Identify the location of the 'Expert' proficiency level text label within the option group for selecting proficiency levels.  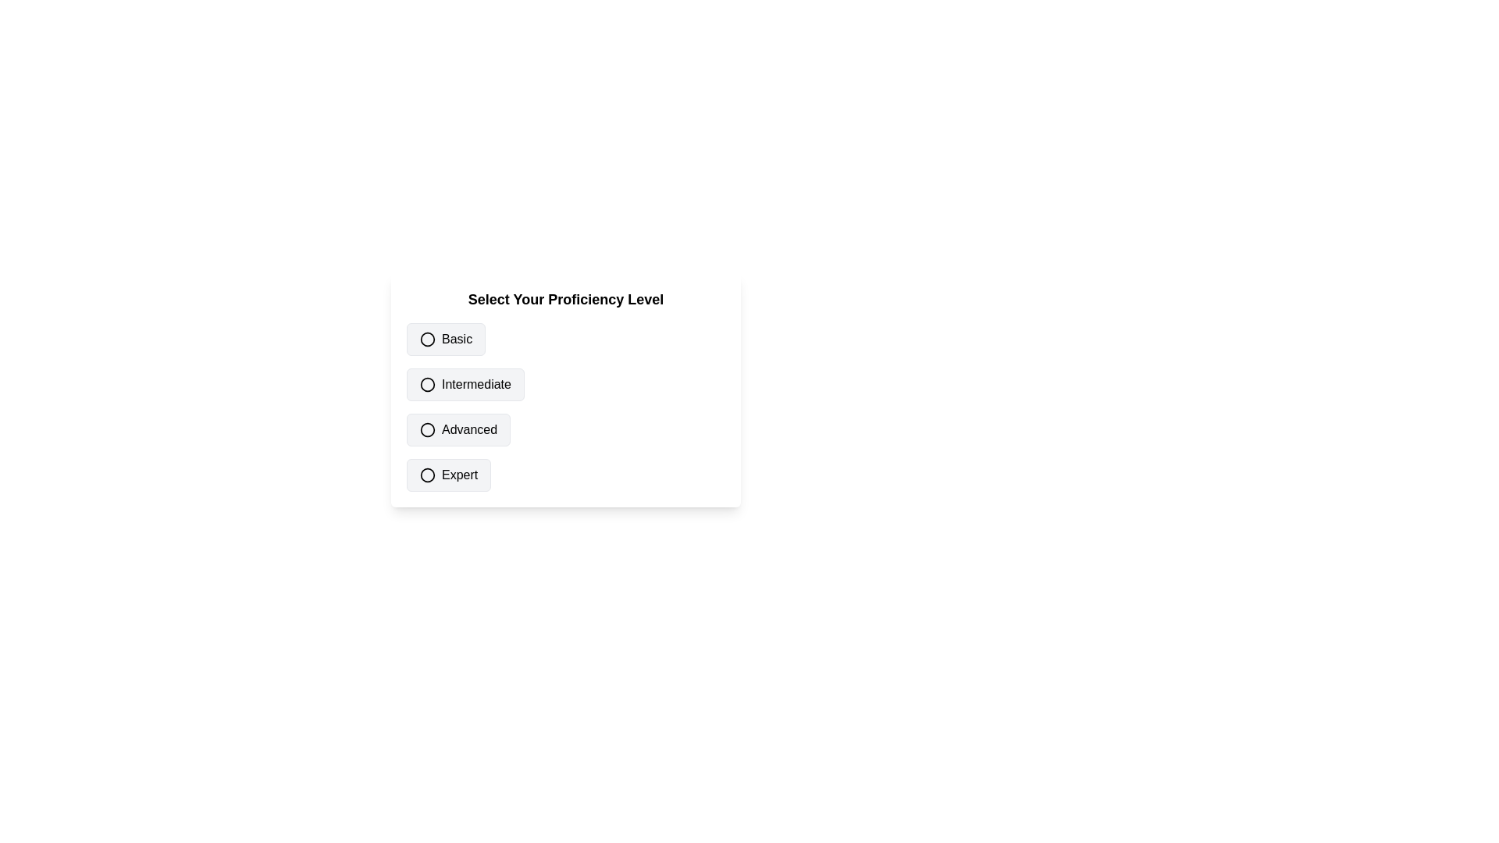
(459, 475).